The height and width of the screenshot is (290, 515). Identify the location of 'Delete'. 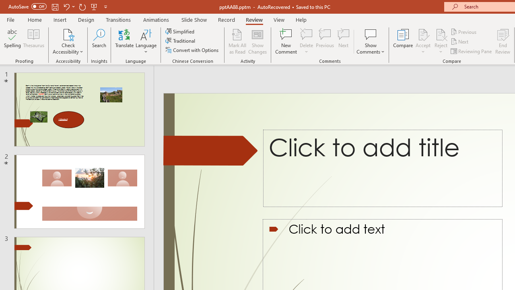
(306, 34).